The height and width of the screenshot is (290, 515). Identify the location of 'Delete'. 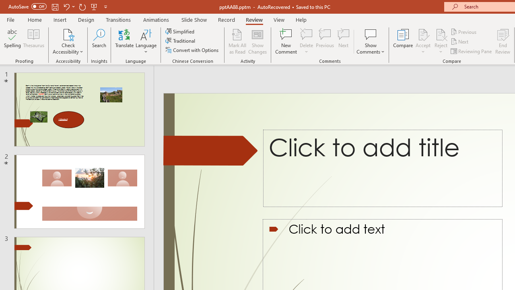
(306, 34).